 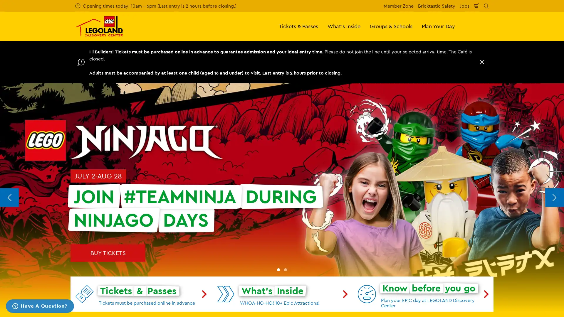 What do you see at coordinates (438, 26) in the screenshot?
I see `Plan Your Day` at bounding box center [438, 26].